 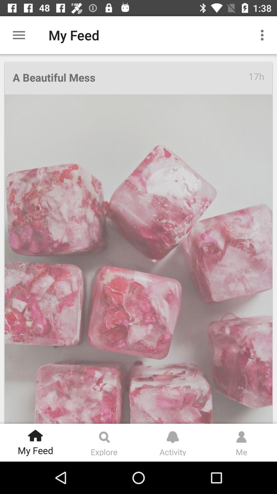 I want to click on the a beautiful mess item, so click(x=130, y=78).